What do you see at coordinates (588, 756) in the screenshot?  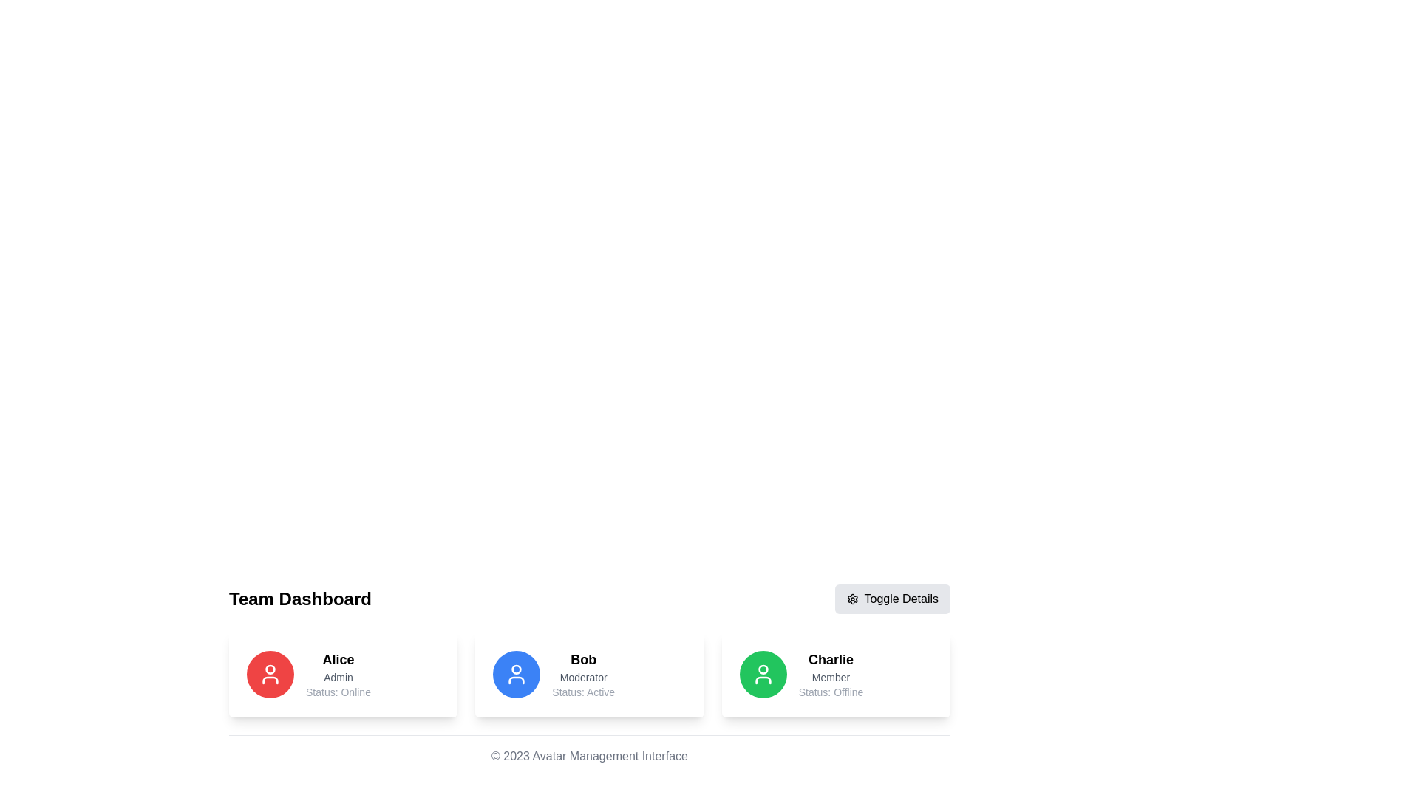 I see `the footer text label that reads '© 2023 Avatar Management Interface', which is centered at the bottom of the page` at bounding box center [588, 756].